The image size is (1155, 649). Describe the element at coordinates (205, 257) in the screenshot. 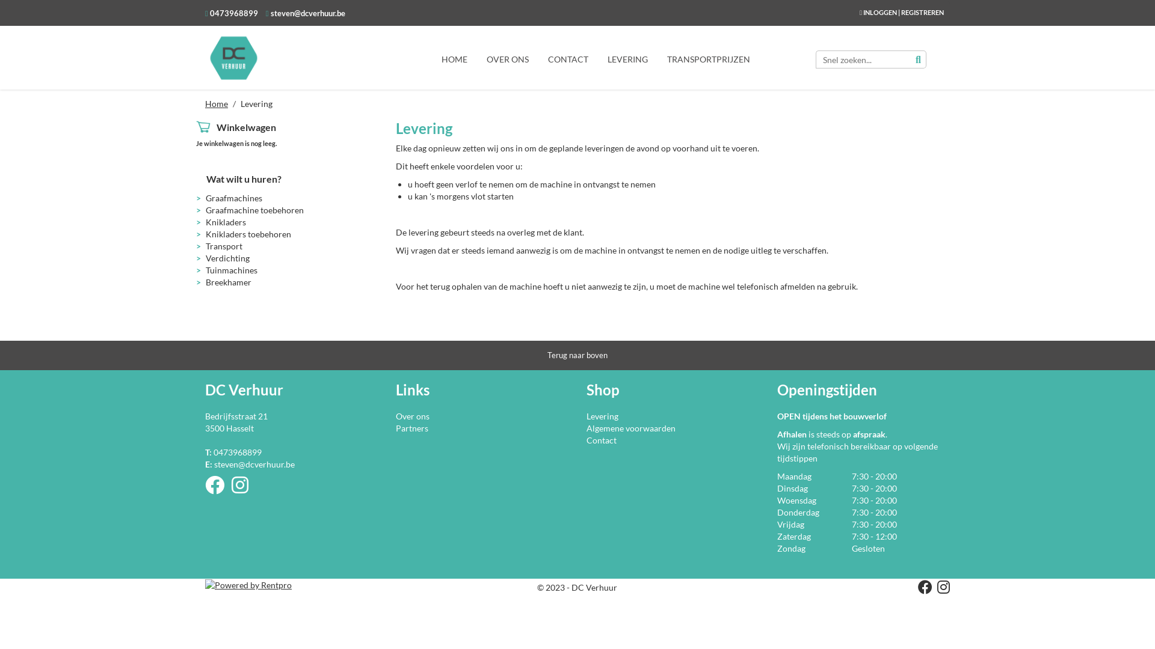

I see `'Verdichting'` at that location.